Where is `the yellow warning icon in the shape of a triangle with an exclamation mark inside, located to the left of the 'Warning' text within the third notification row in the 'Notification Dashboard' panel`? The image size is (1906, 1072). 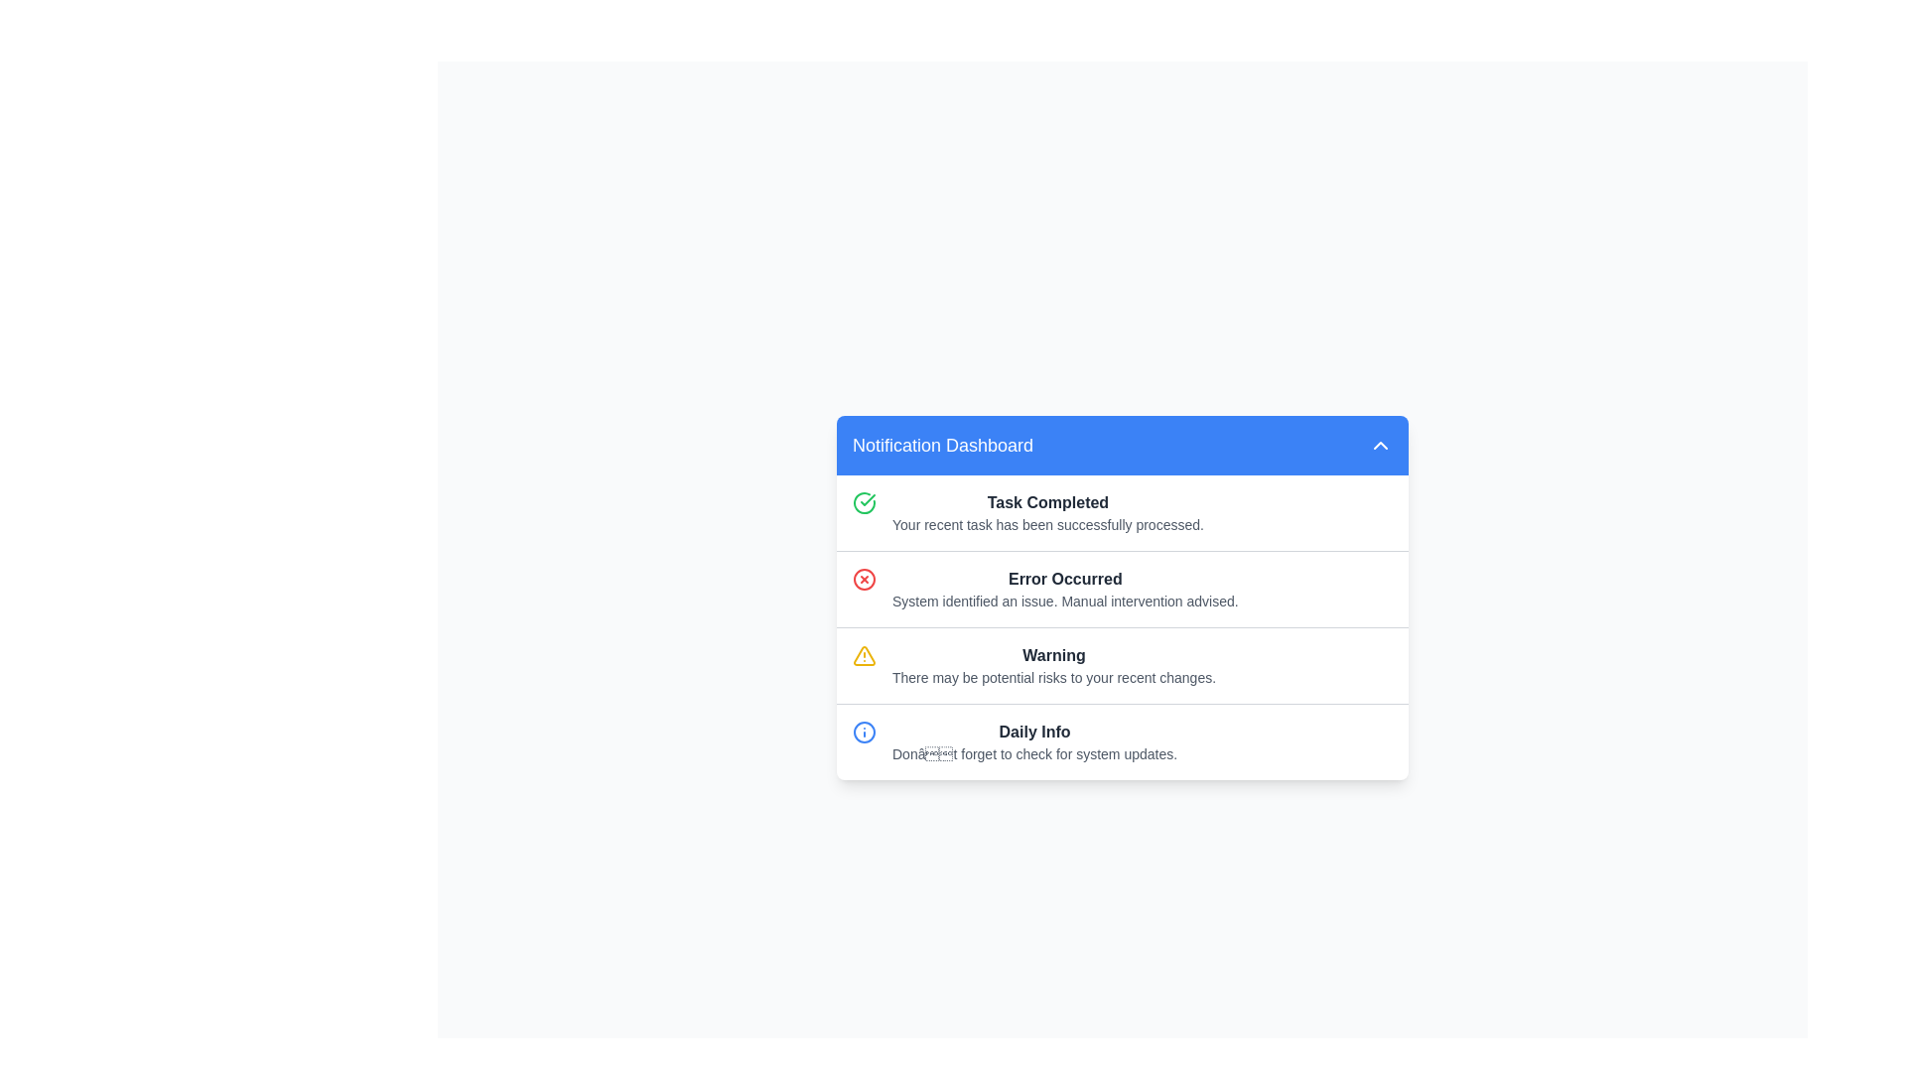
the yellow warning icon in the shape of a triangle with an exclamation mark inside, located to the left of the 'Warning' text within the third notification row in the 'Notification Dashboard' panel is located at coordinates (864, 665).